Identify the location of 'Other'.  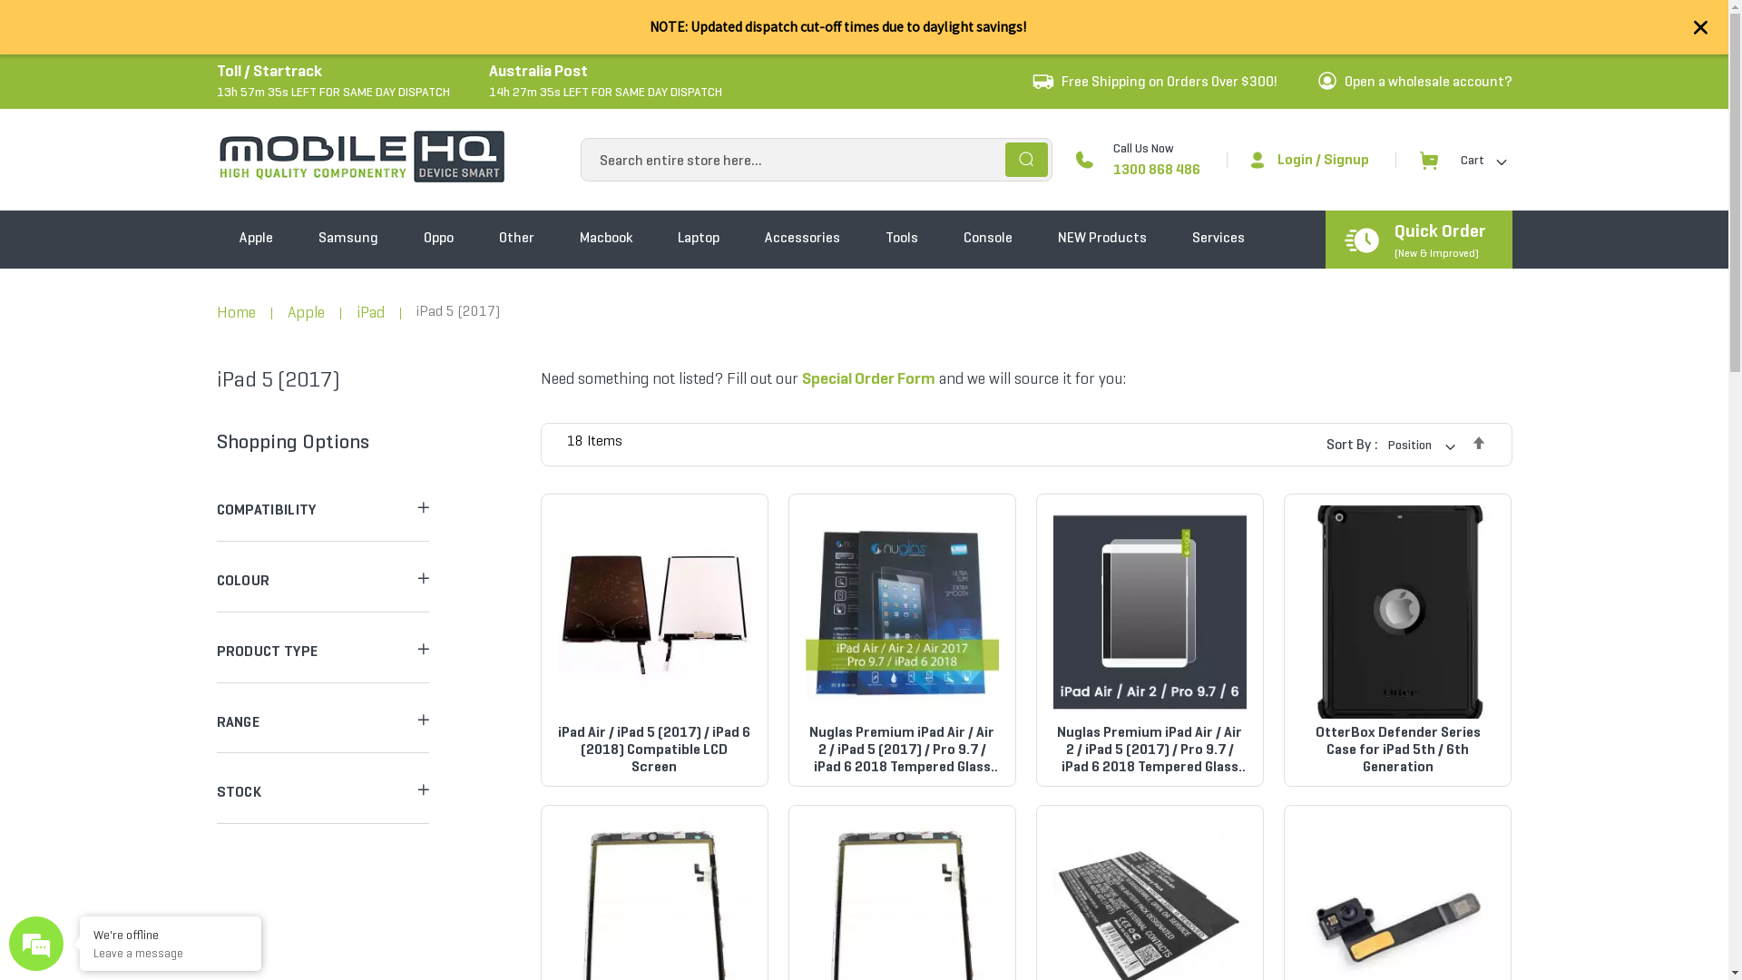
(514, 183).